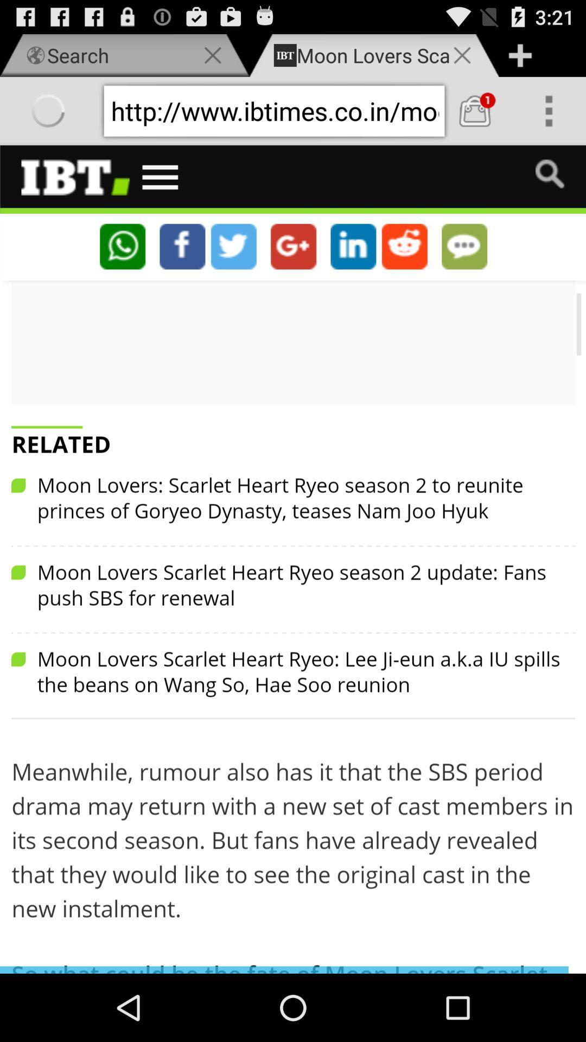 The width and height of the screenshot is (586, 1042). What do you see at coordinates (474, 119) in the screenshot?
I see `the shop icon` at bounding box center [474, 119].